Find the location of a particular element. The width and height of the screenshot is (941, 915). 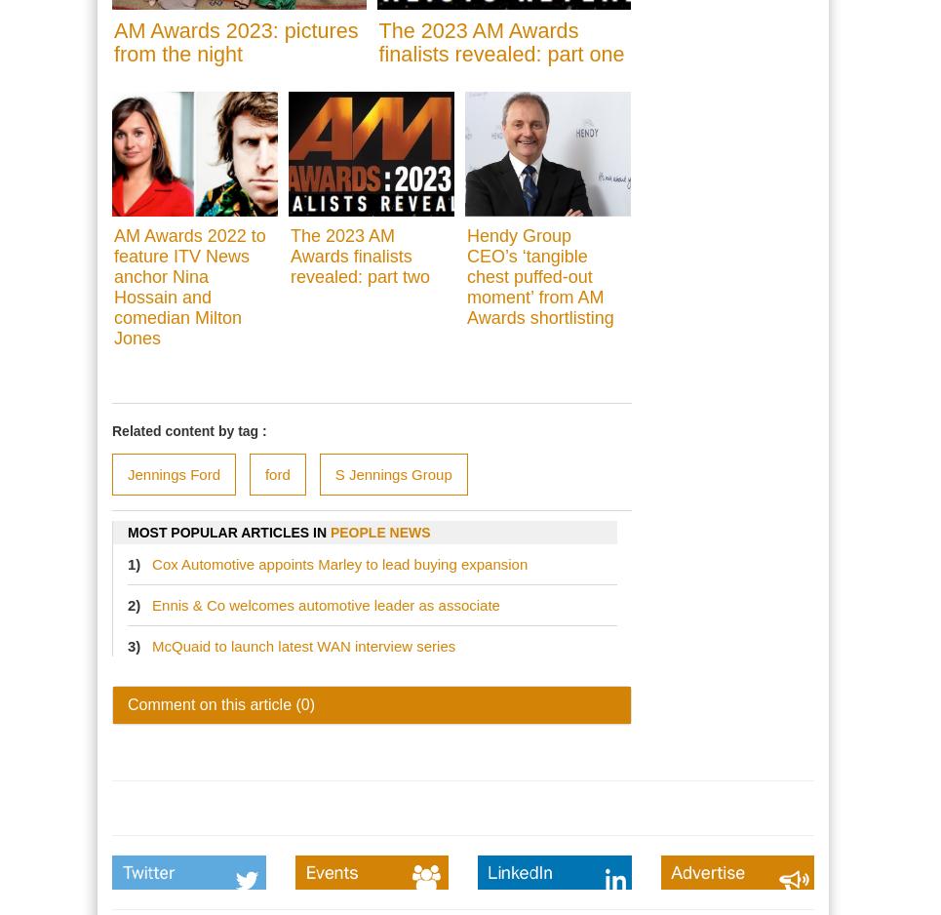

'People News' is located at coordinates (378, 533).